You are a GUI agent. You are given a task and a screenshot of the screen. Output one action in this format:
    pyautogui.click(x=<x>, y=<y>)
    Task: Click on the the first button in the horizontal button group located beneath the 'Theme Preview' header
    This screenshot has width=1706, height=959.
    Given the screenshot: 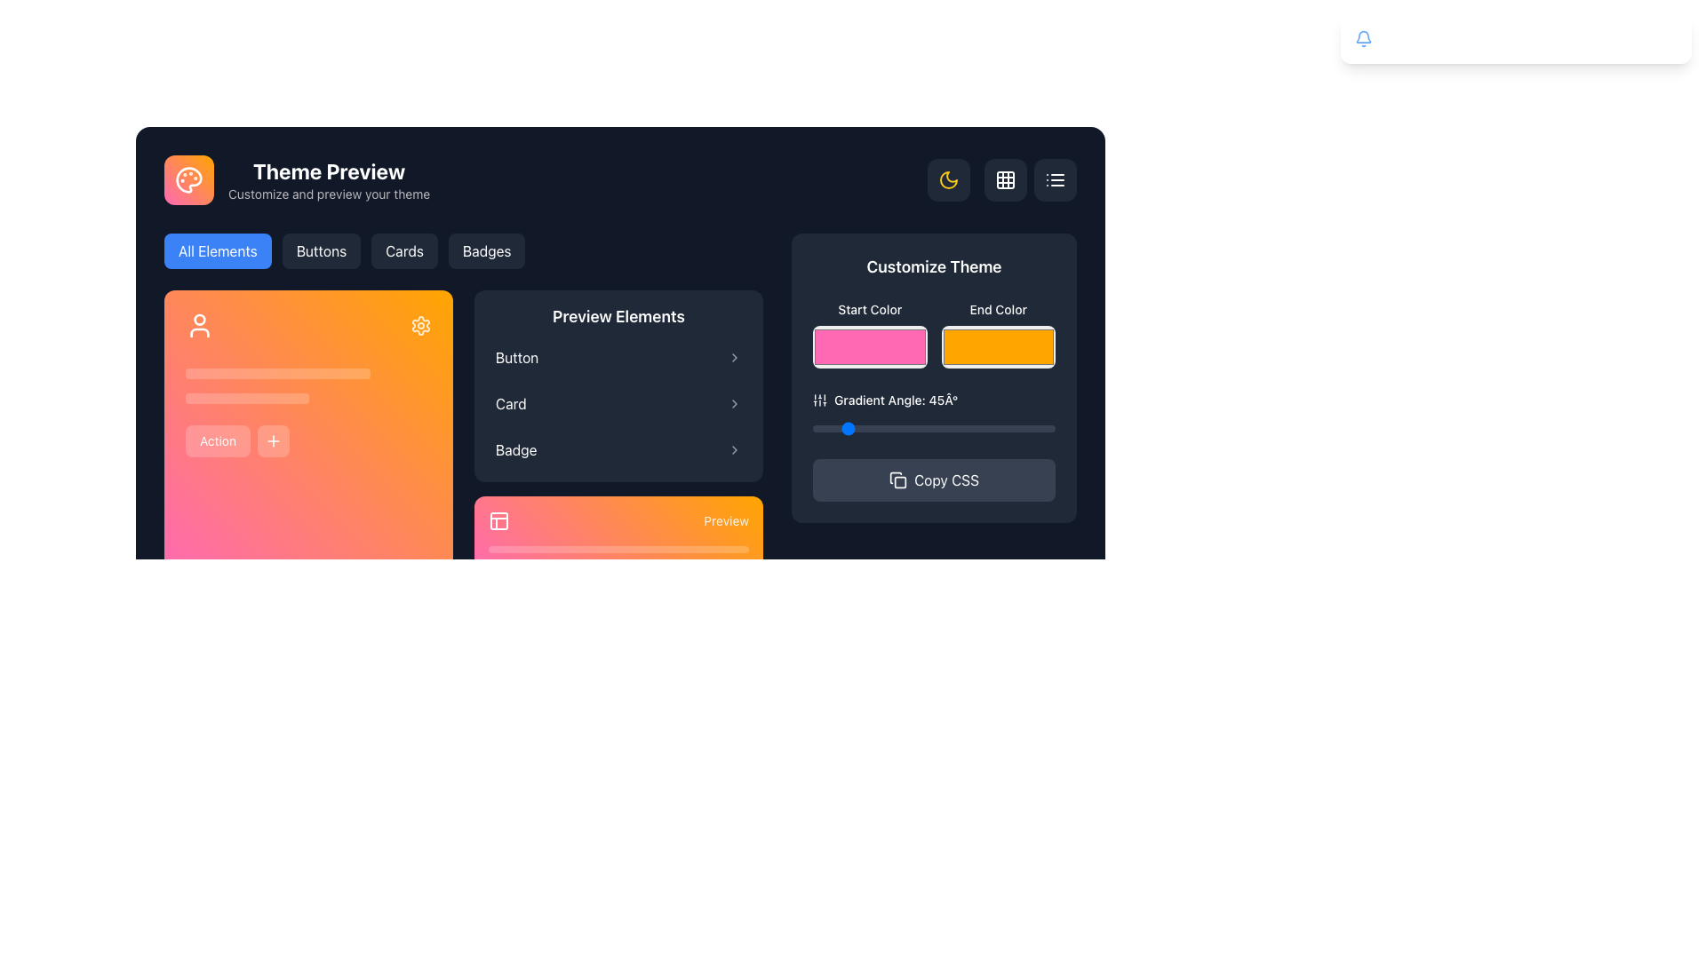 What is the action you would take?
    pyautogui.click(x=217, y=250)
    